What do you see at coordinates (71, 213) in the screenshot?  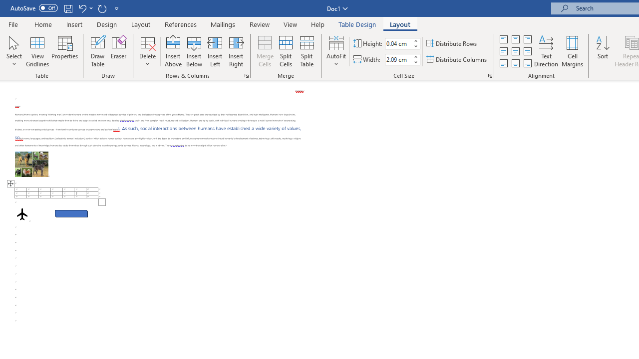 I see `'Rectangle: Diagonal Corners Snipped 2'` at bounding box center [71, 213].